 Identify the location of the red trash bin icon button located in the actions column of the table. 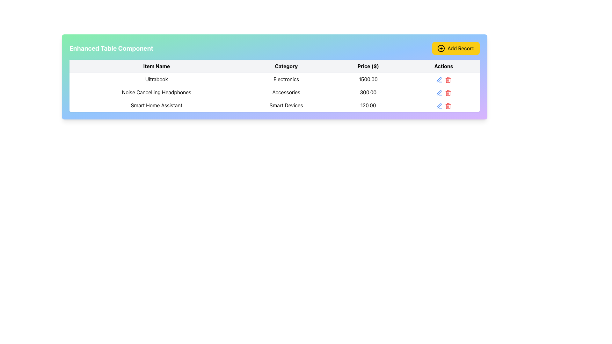
(448, 79).